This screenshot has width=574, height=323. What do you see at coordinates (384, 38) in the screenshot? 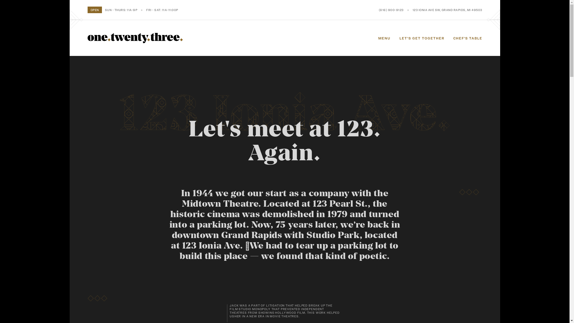
I see `'MENU'` at bounding box center [384, 38].